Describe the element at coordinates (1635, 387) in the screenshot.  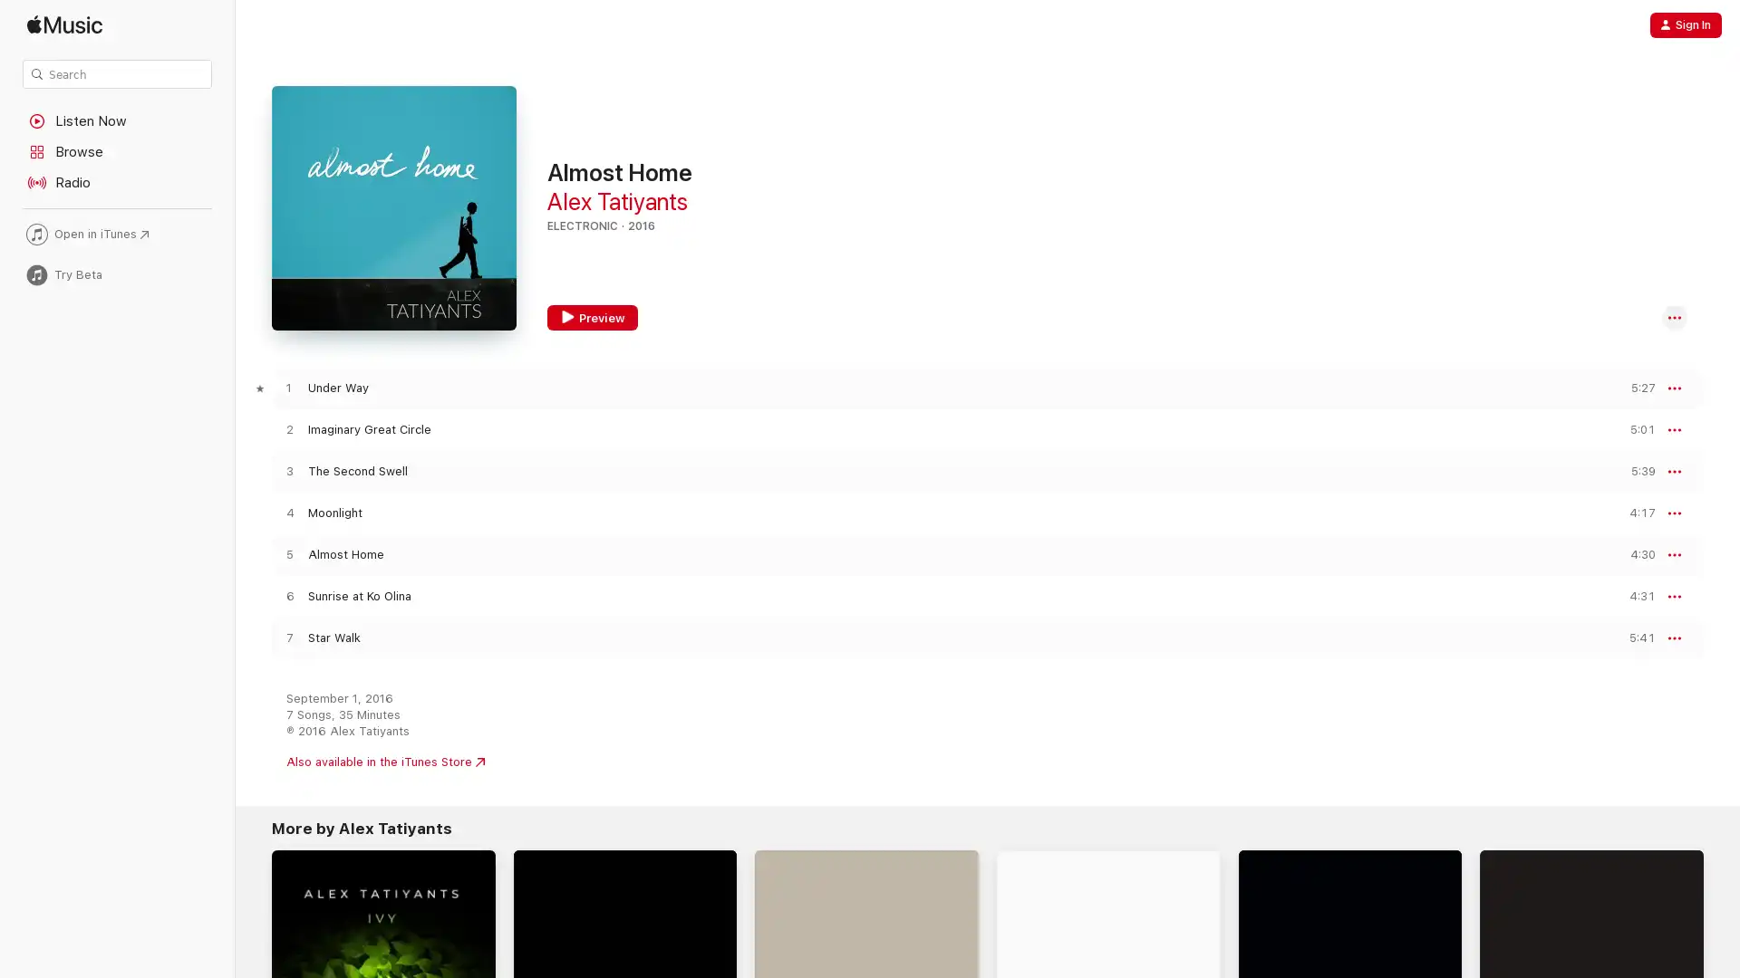
I see `Preview` at that location.